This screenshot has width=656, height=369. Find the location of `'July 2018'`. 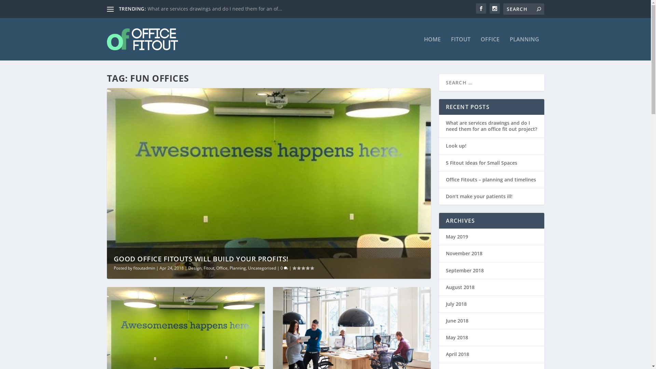

'July 2018' is located at coordinates (456, 303).